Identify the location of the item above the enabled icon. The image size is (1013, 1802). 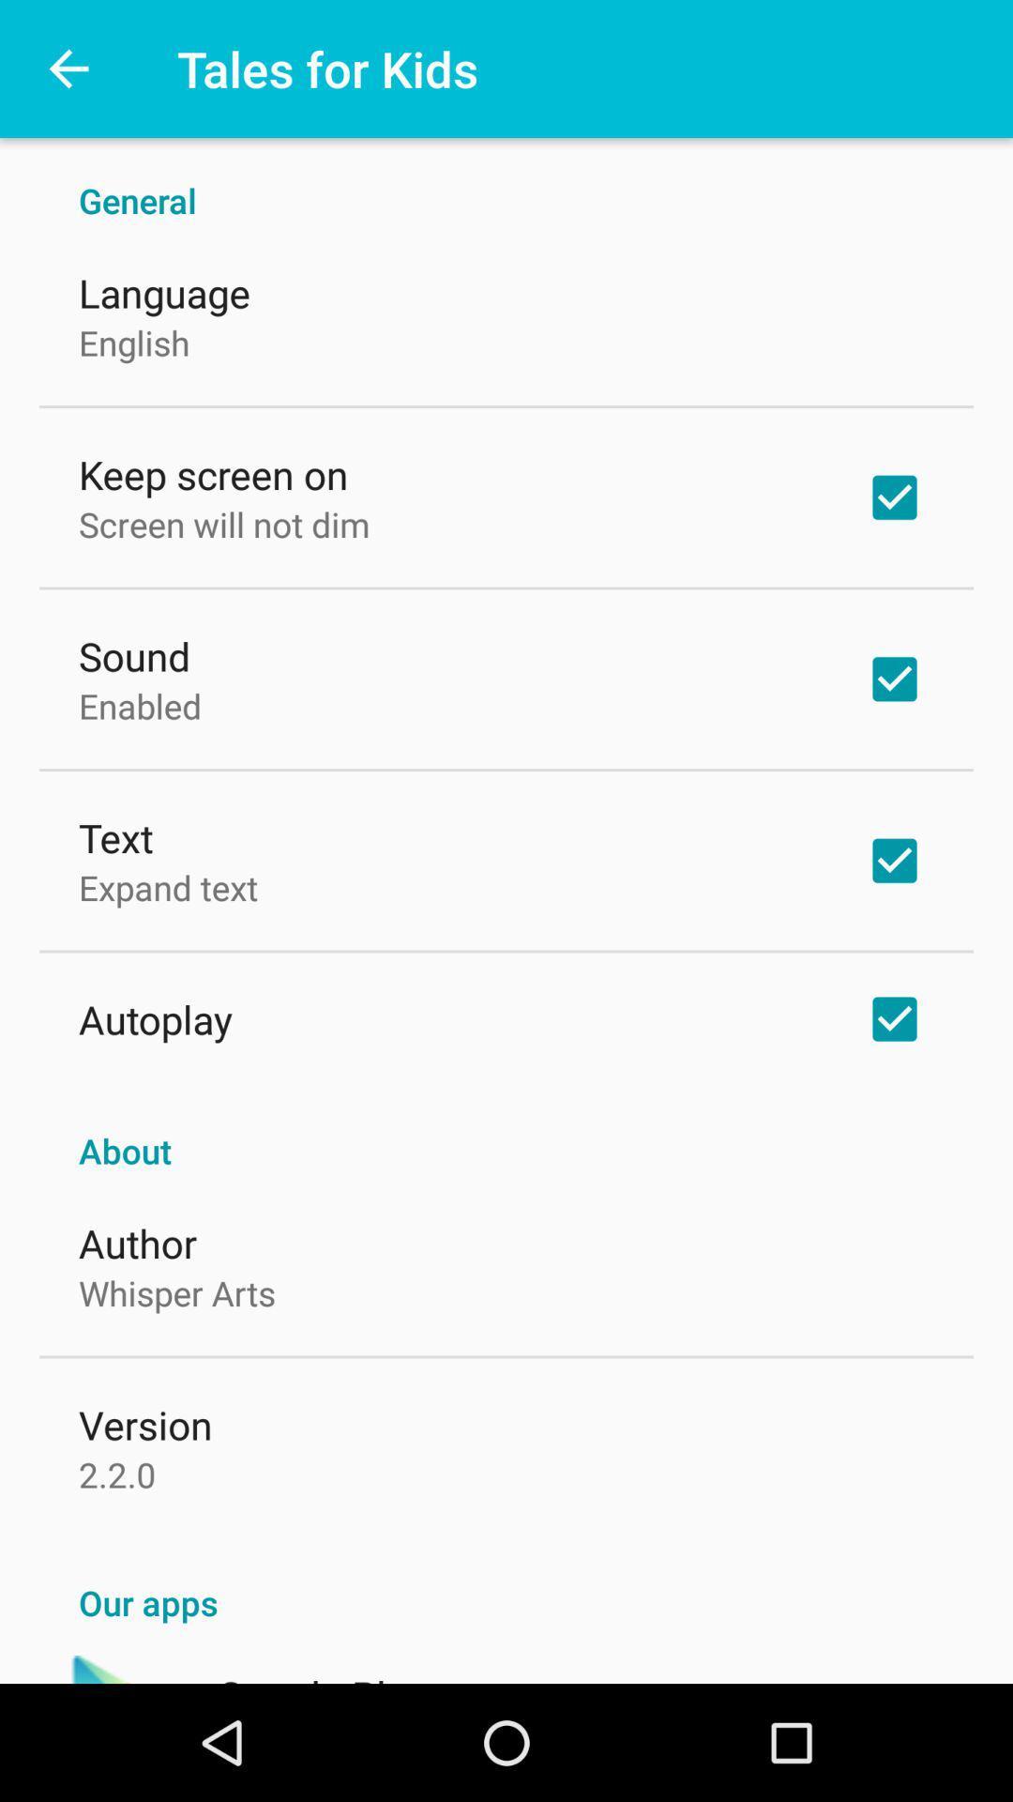
(133, 656).